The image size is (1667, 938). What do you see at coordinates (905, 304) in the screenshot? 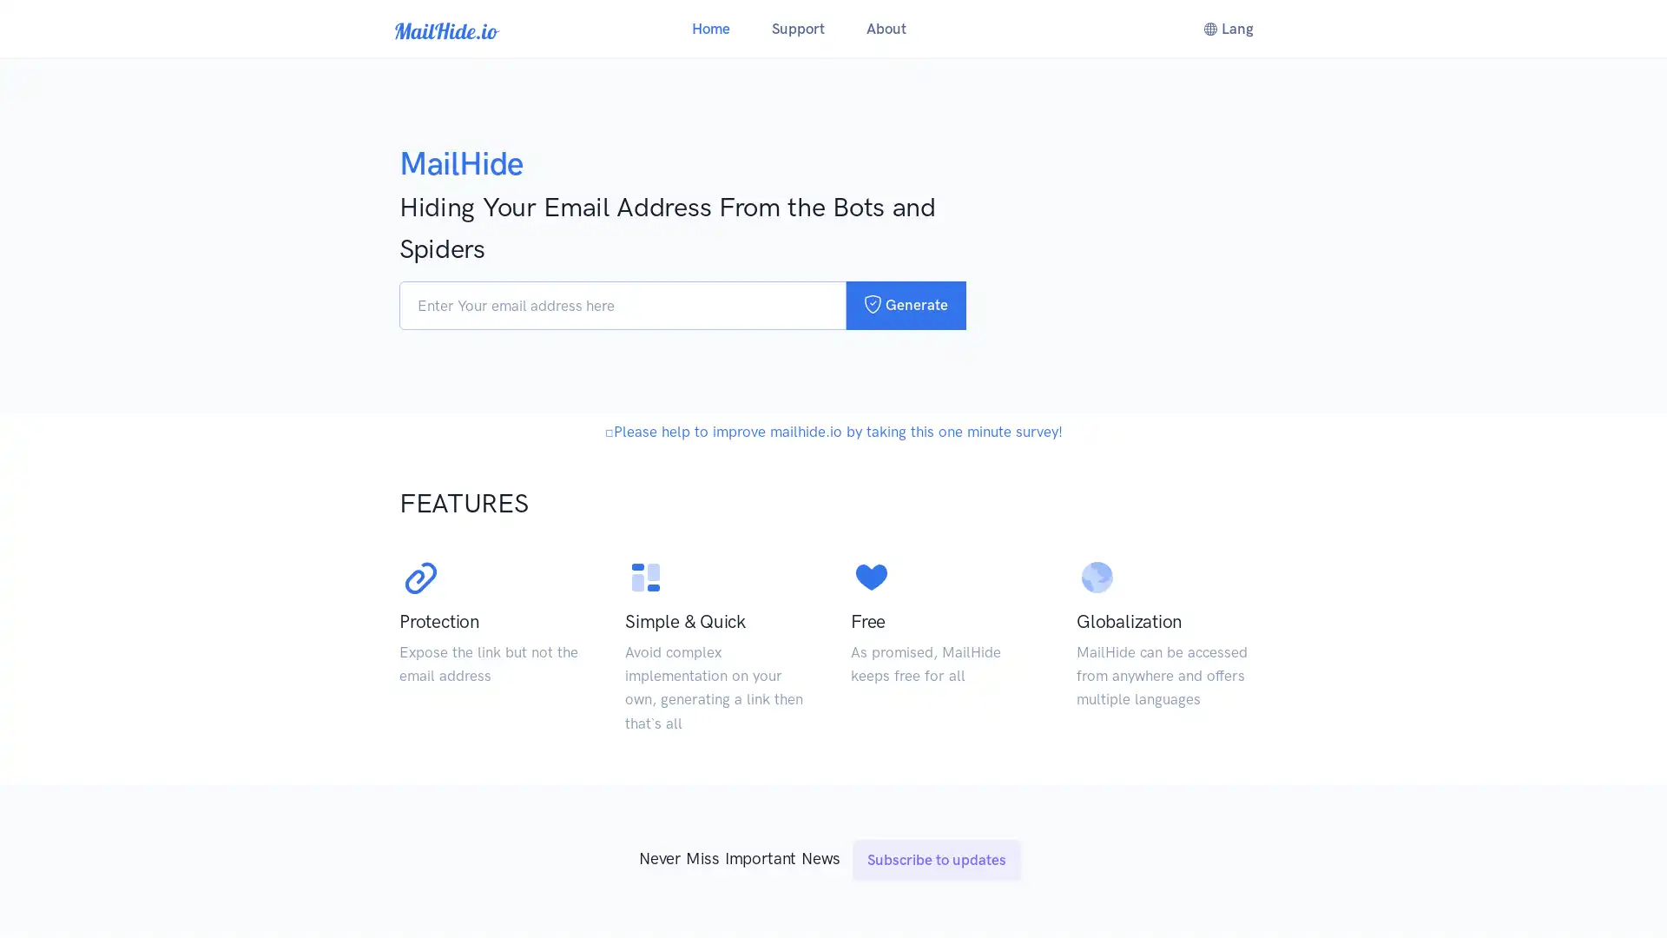
I see `shield check Generate` at bounding box center [905, 304].